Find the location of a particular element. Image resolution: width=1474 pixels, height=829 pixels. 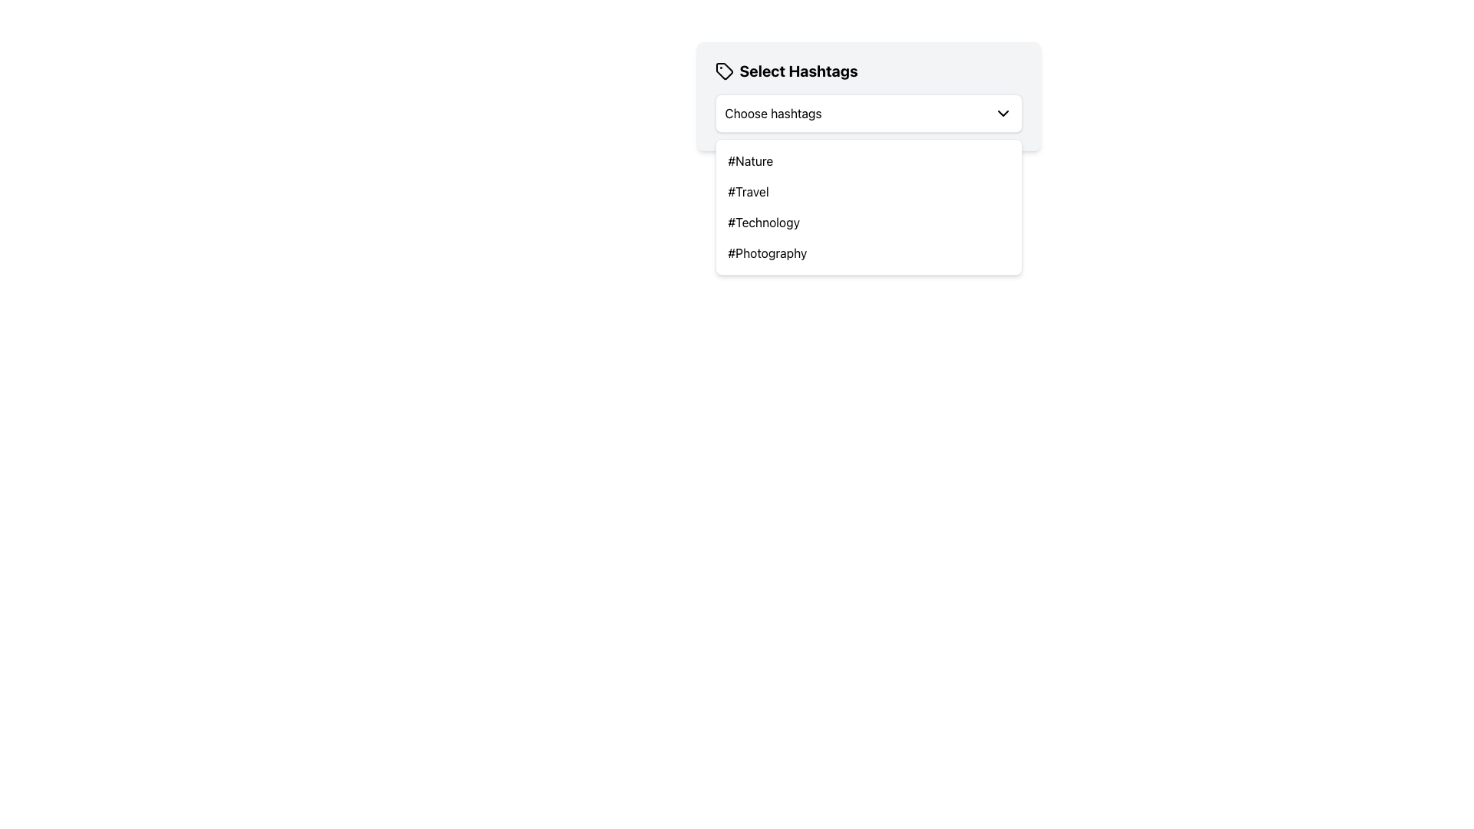

the selectable menu item representing the hashtag '#Travel' in the dropdown menu under 'Select Hashtags' is located at coordinates (748, 191).